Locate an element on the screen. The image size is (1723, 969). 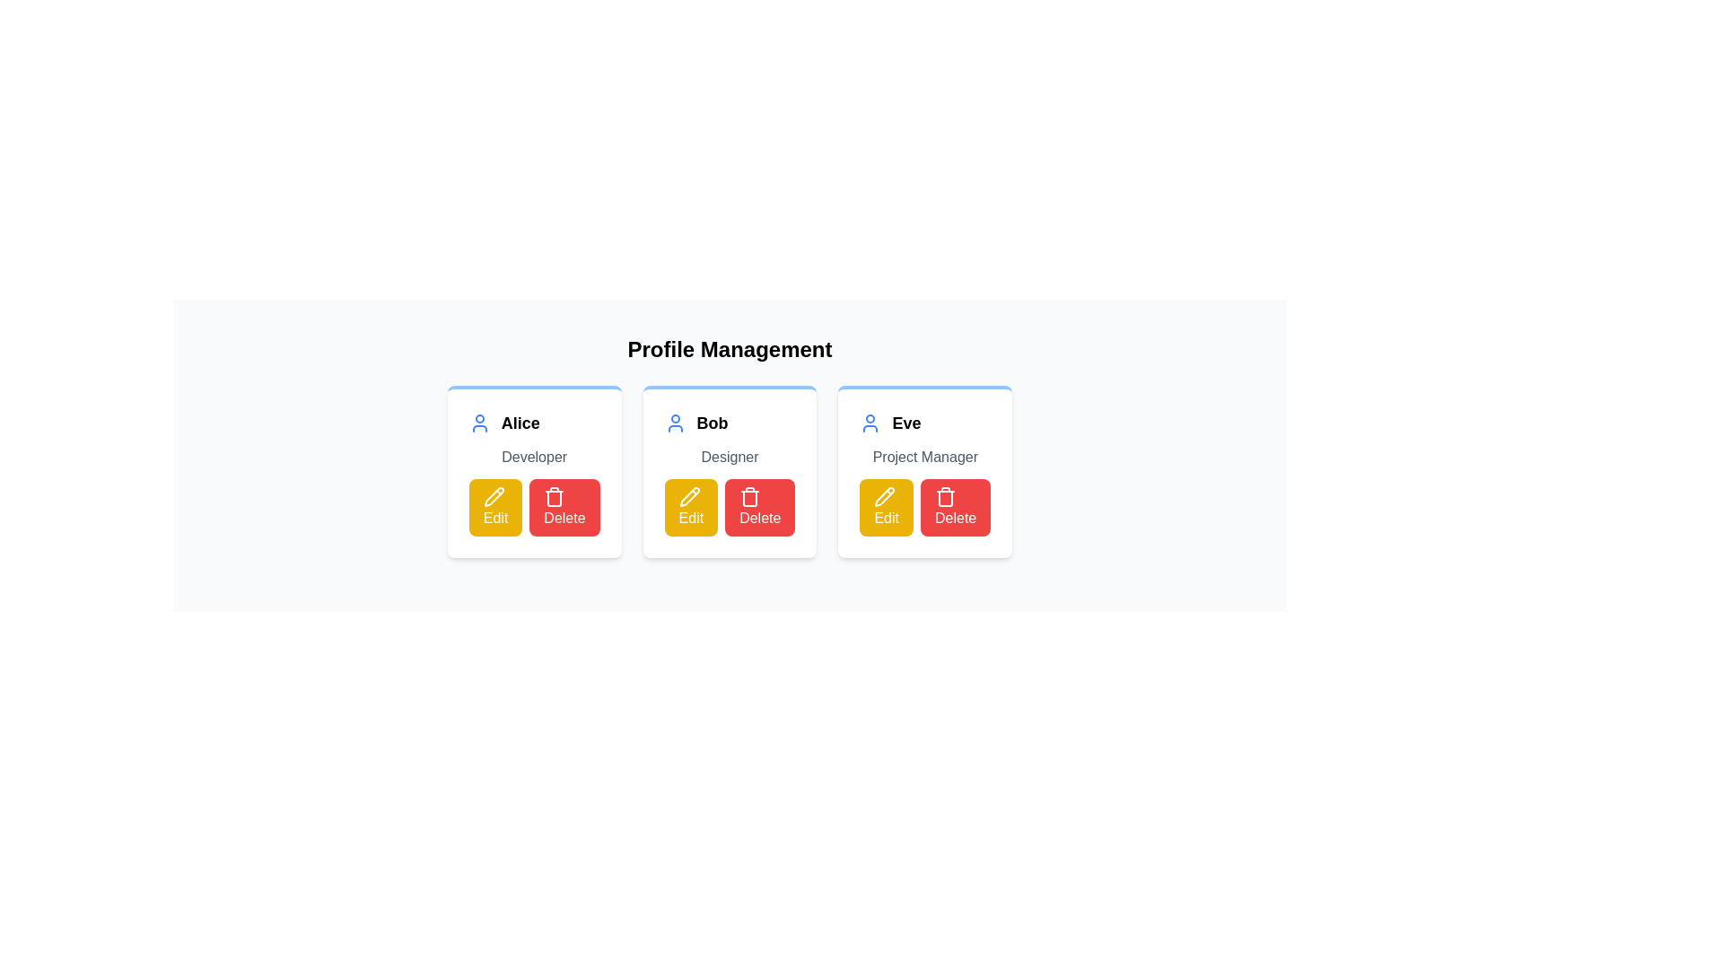
the pencil icon within the 'Edit' button located at the bottom left of the 'Alice' user card in the 'Profile Management' section is located at coordinates (494, 497).